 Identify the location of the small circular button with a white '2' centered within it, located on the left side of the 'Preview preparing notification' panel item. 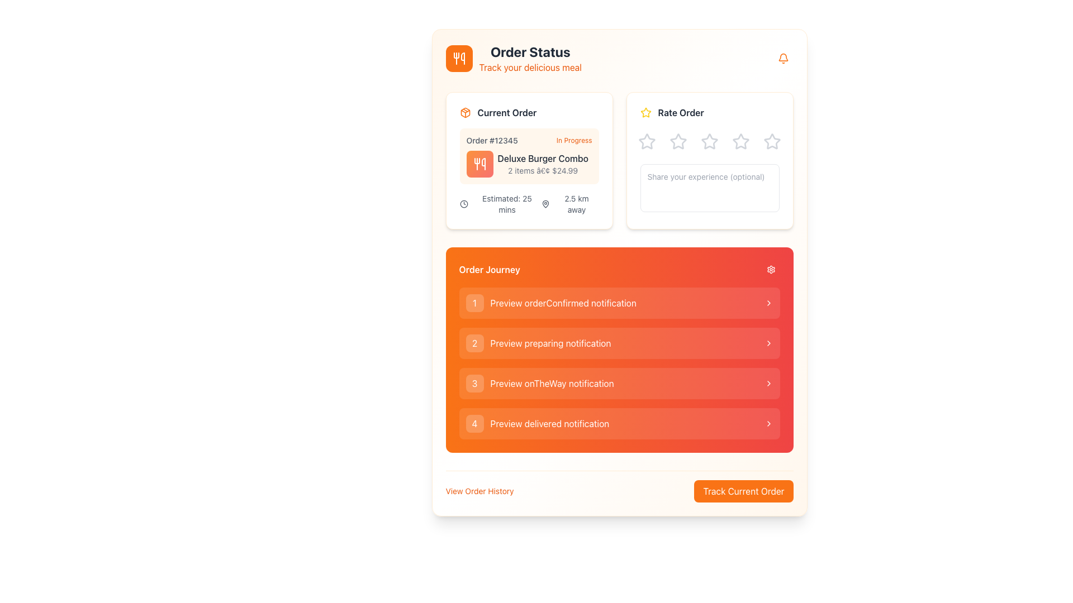
(474, 342).